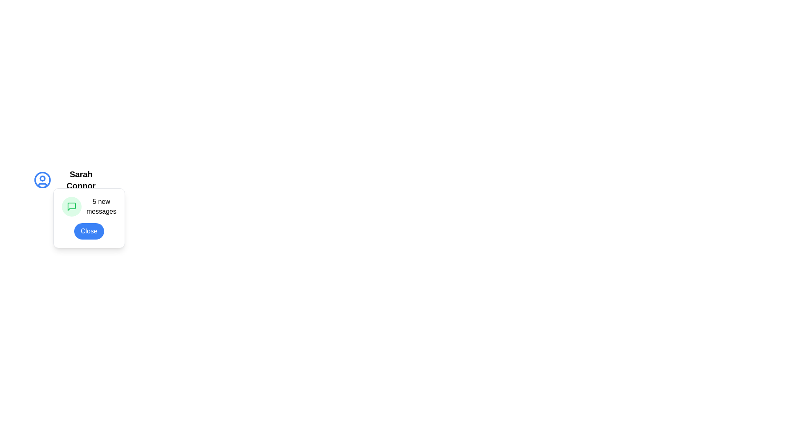 The width and height of the screenshot is (787, 443). Describe the element at coordinates (89, 206) in the screenshot. I see `the Notification indicator that notifies the user about 5 new unread messages, located near the center-left of the interface, slightly below the user's name and picture` at that location.